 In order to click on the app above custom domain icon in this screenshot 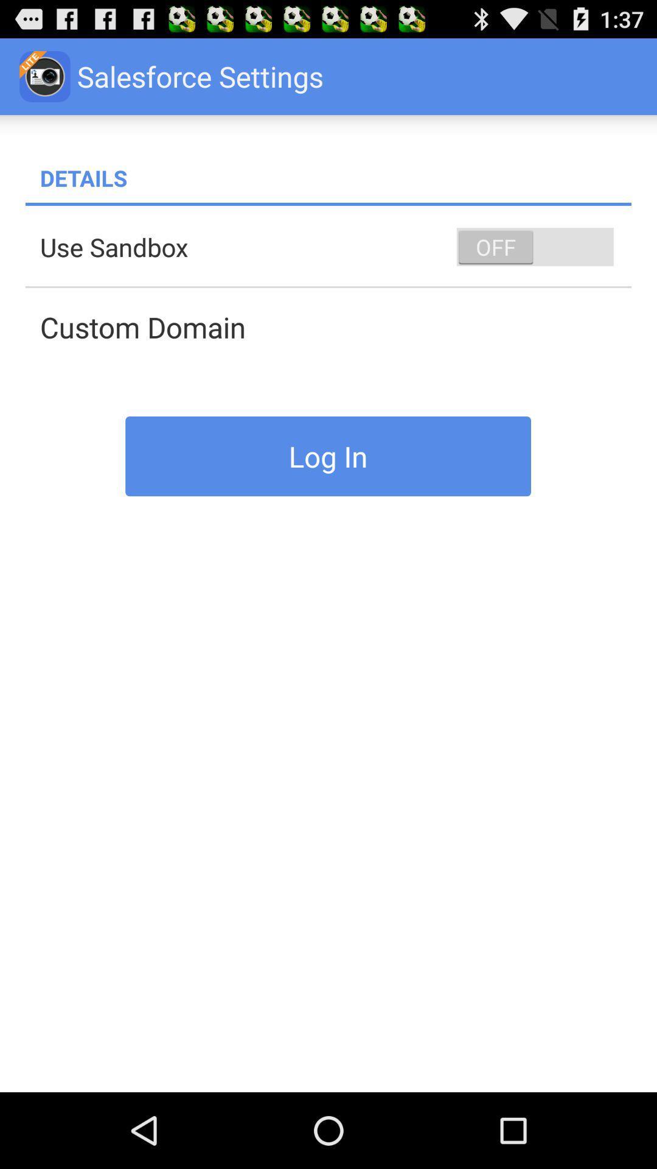, I will do `click(534, 246)`.